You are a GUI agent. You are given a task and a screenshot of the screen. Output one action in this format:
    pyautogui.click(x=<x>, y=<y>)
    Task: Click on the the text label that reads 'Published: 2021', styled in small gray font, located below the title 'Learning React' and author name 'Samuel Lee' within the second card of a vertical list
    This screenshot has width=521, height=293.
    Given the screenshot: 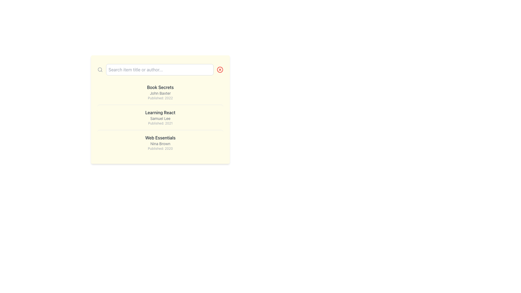 What is the action you would take?
    pyautogui.click(x=160, y=123)
    